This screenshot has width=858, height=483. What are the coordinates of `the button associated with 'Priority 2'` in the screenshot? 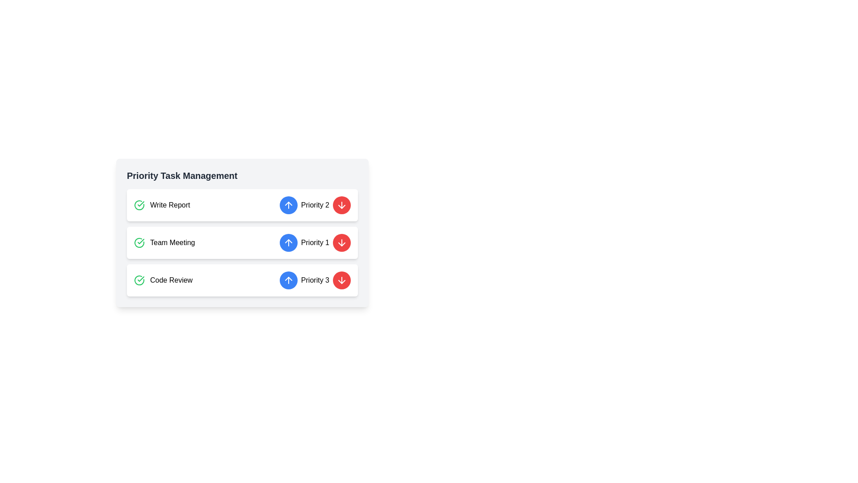 It's located at (288, 205).